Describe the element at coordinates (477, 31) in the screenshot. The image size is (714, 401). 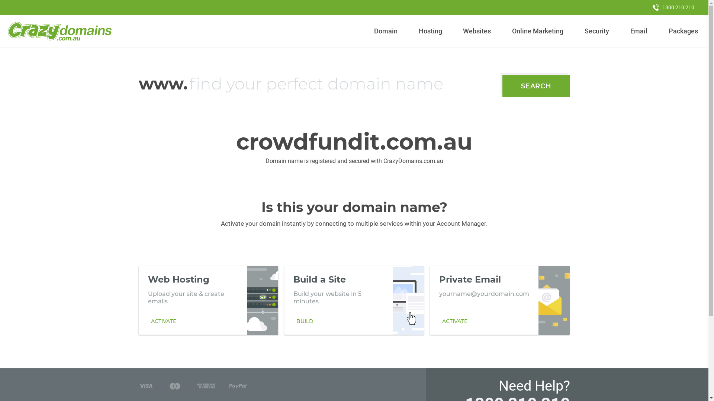
I see `'Websites'` at that location.